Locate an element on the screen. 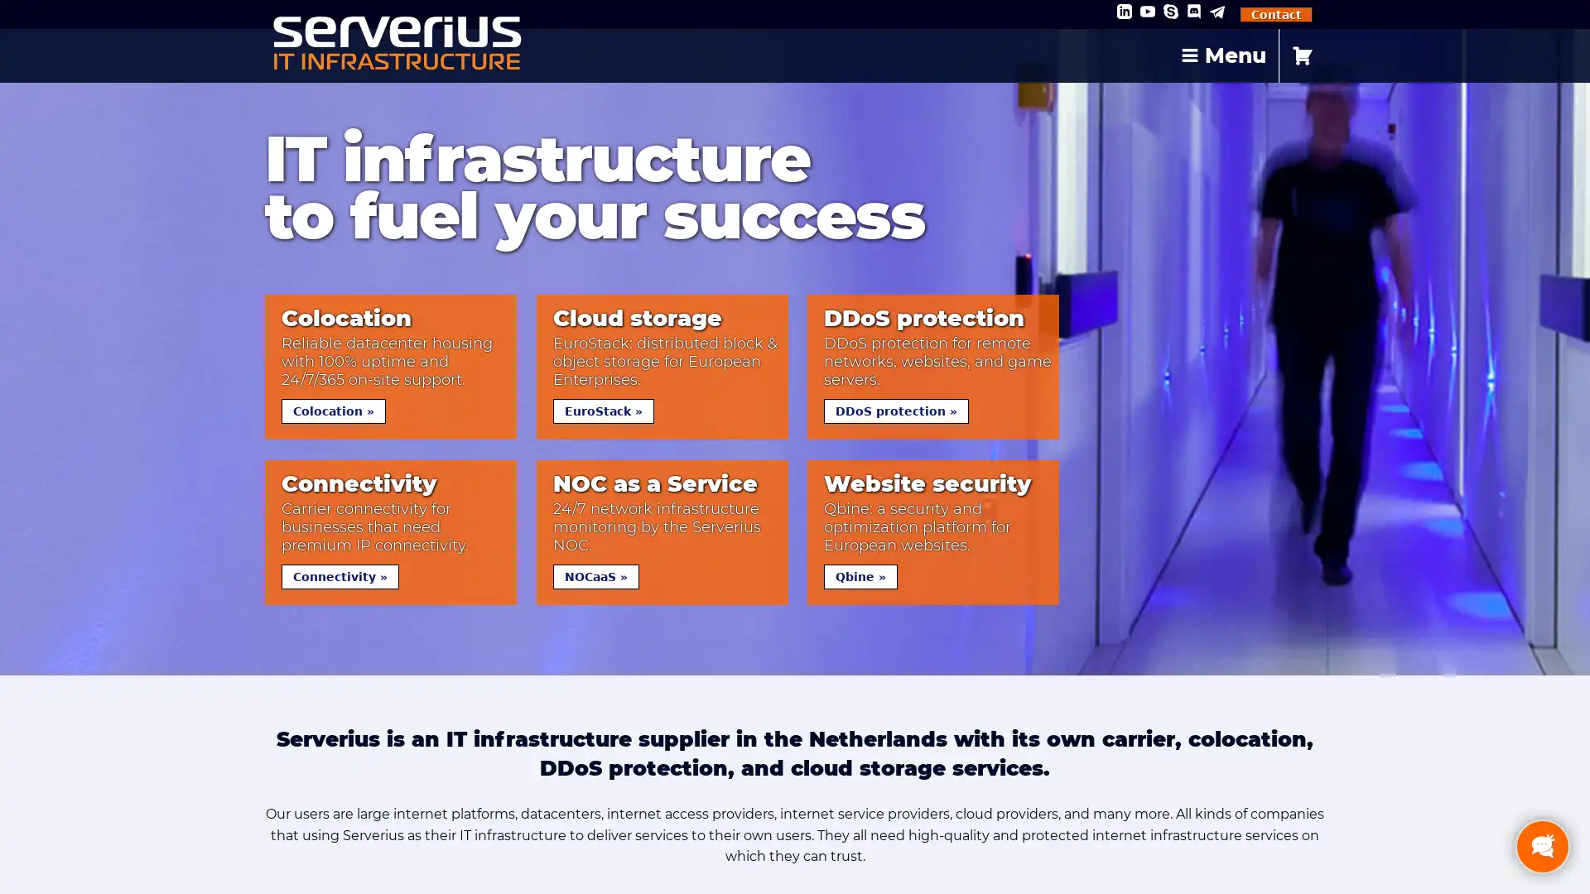 This screenshot has height=894, width=1590. Colocation is located at coordinates (333, 410).